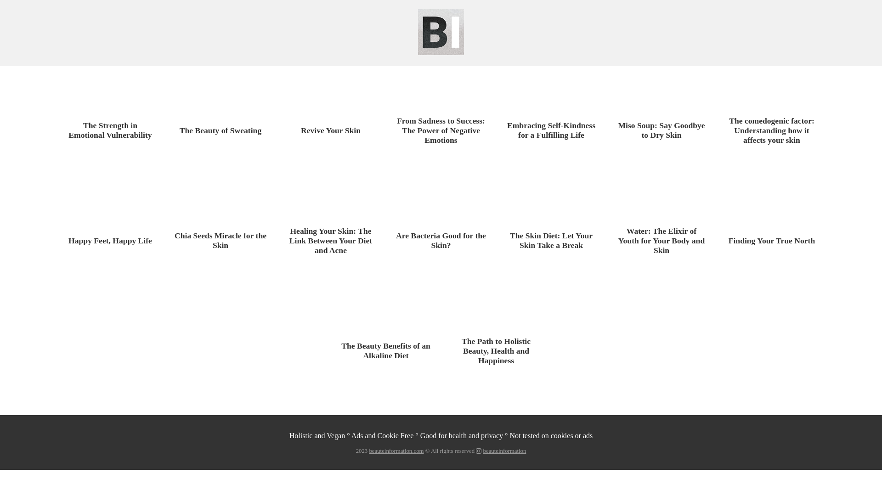  Describe the element at coordinates (368, 451) in the screenshot. I see `'beauteinformation.com'` at that location.